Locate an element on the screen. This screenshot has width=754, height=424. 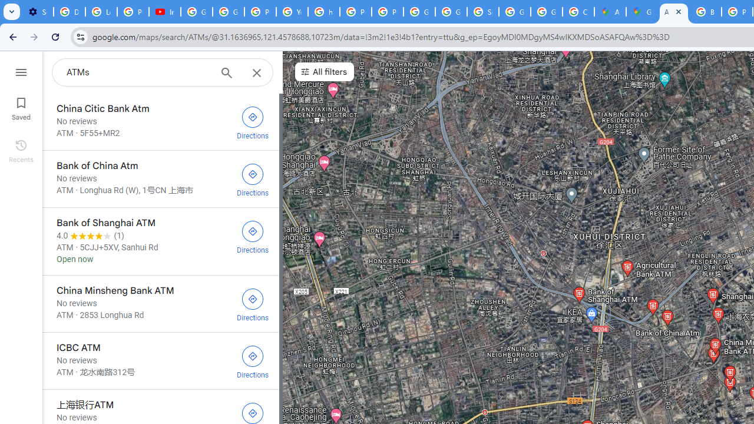
'ATMs - Google Maps' is located at coordinates (674, 12).